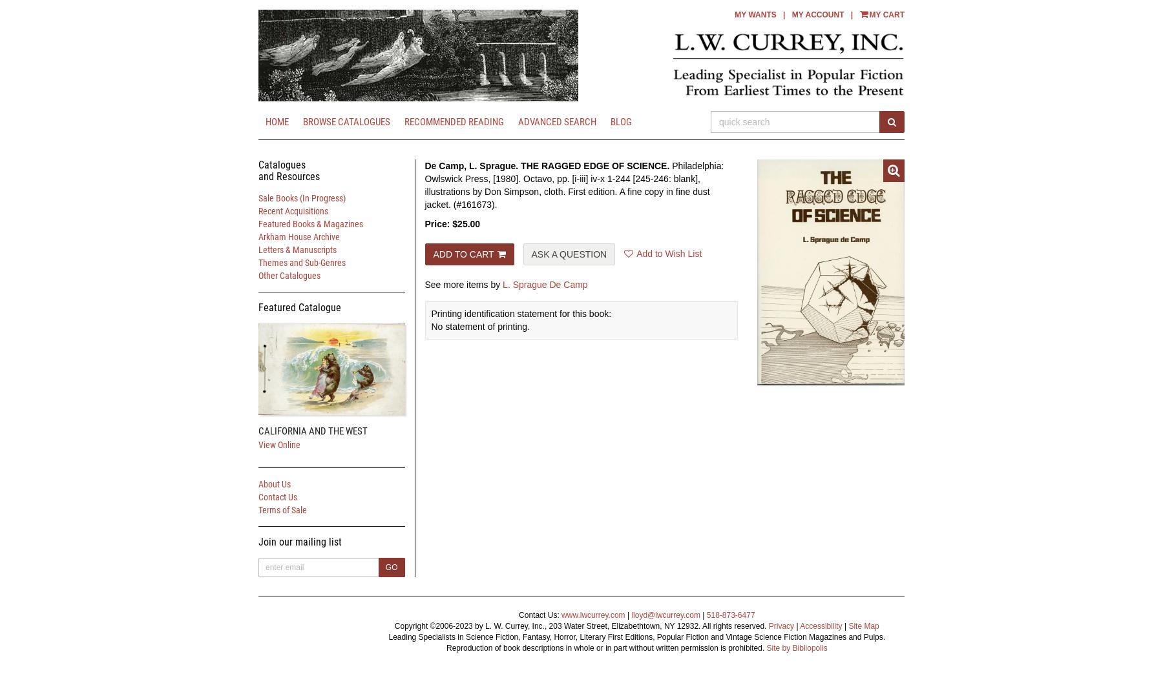 The width and height of the screenshot is (1163, 674). Describe the element at coordinates (258, 430) in the screenshot. I see `'CALIFORNIA AND THE WEST'` at that location.